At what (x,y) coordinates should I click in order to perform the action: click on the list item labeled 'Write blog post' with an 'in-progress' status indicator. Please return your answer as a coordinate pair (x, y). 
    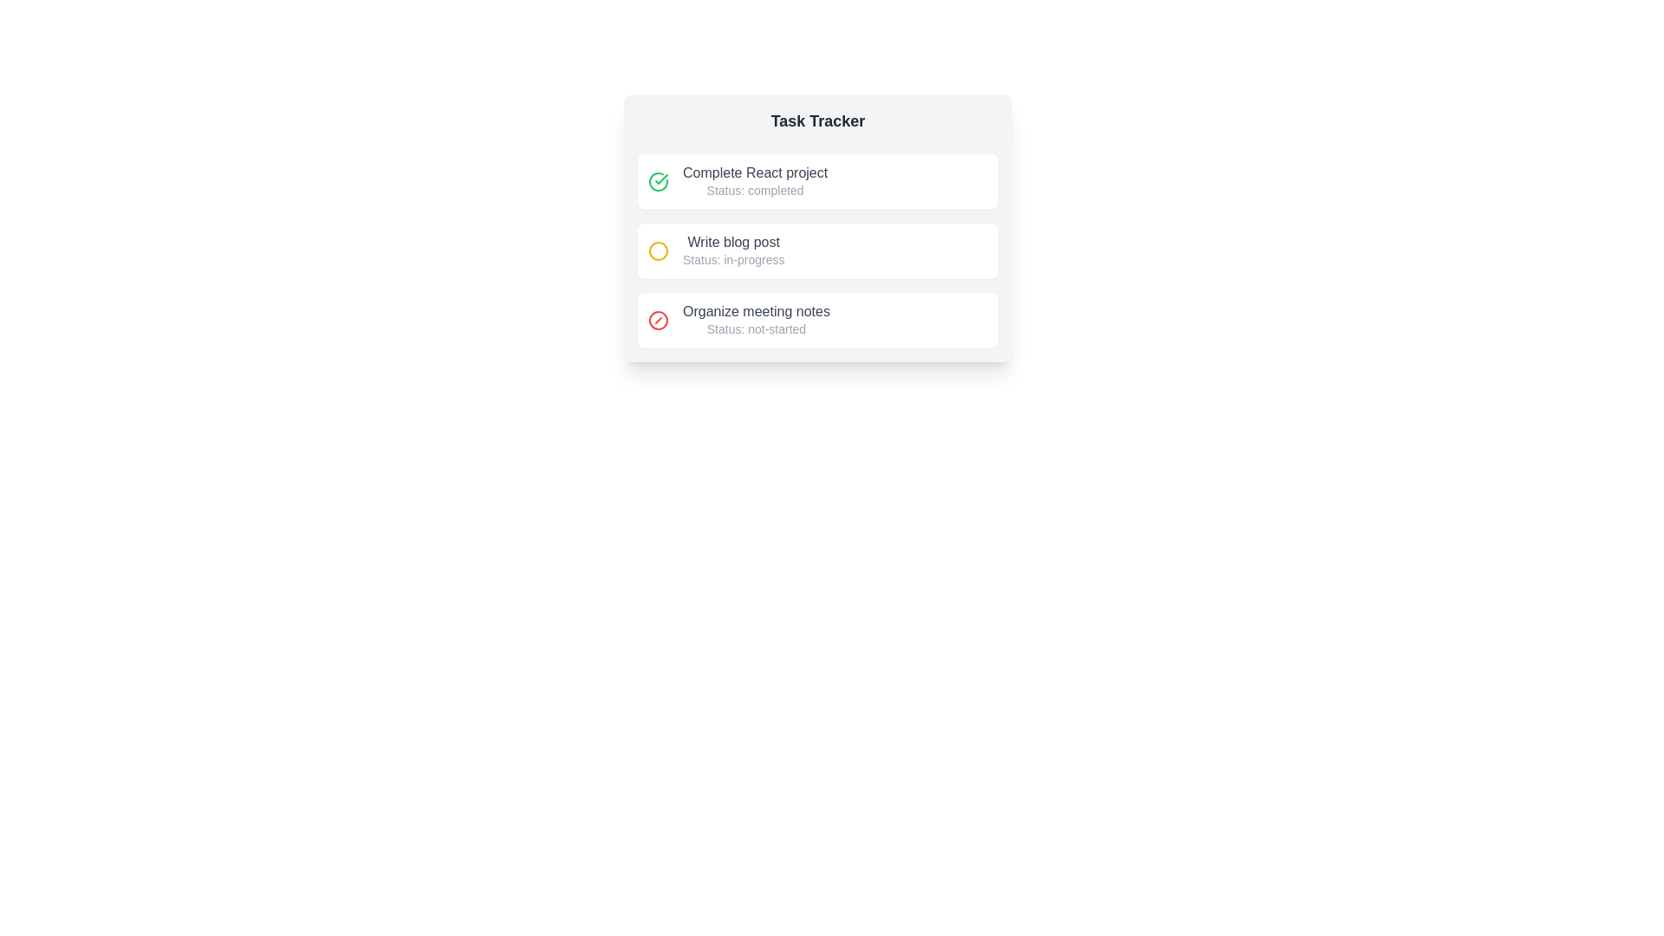
    Looking at the image, I should click on (817, 250).